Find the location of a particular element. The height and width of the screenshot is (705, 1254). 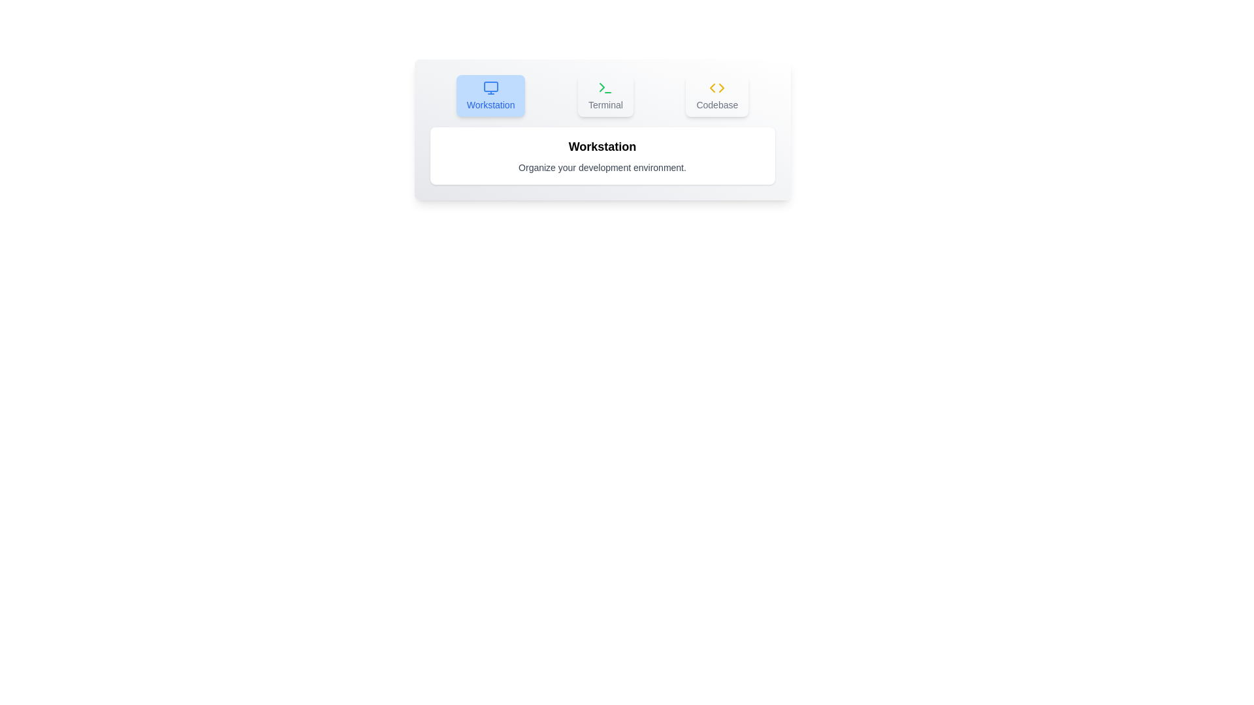

the tab titled Terminal to examine its title and description is located at coordinates (604, 95).